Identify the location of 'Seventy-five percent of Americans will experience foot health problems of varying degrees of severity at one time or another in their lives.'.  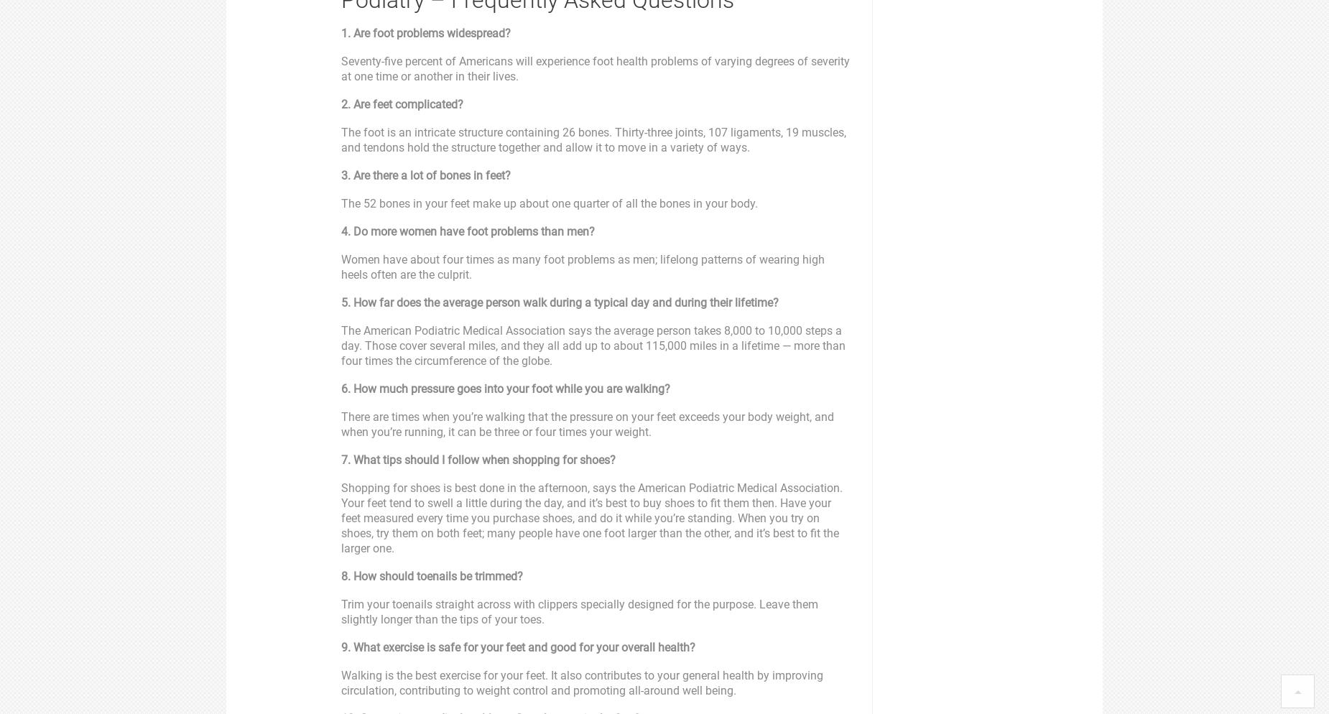
(595, 69).